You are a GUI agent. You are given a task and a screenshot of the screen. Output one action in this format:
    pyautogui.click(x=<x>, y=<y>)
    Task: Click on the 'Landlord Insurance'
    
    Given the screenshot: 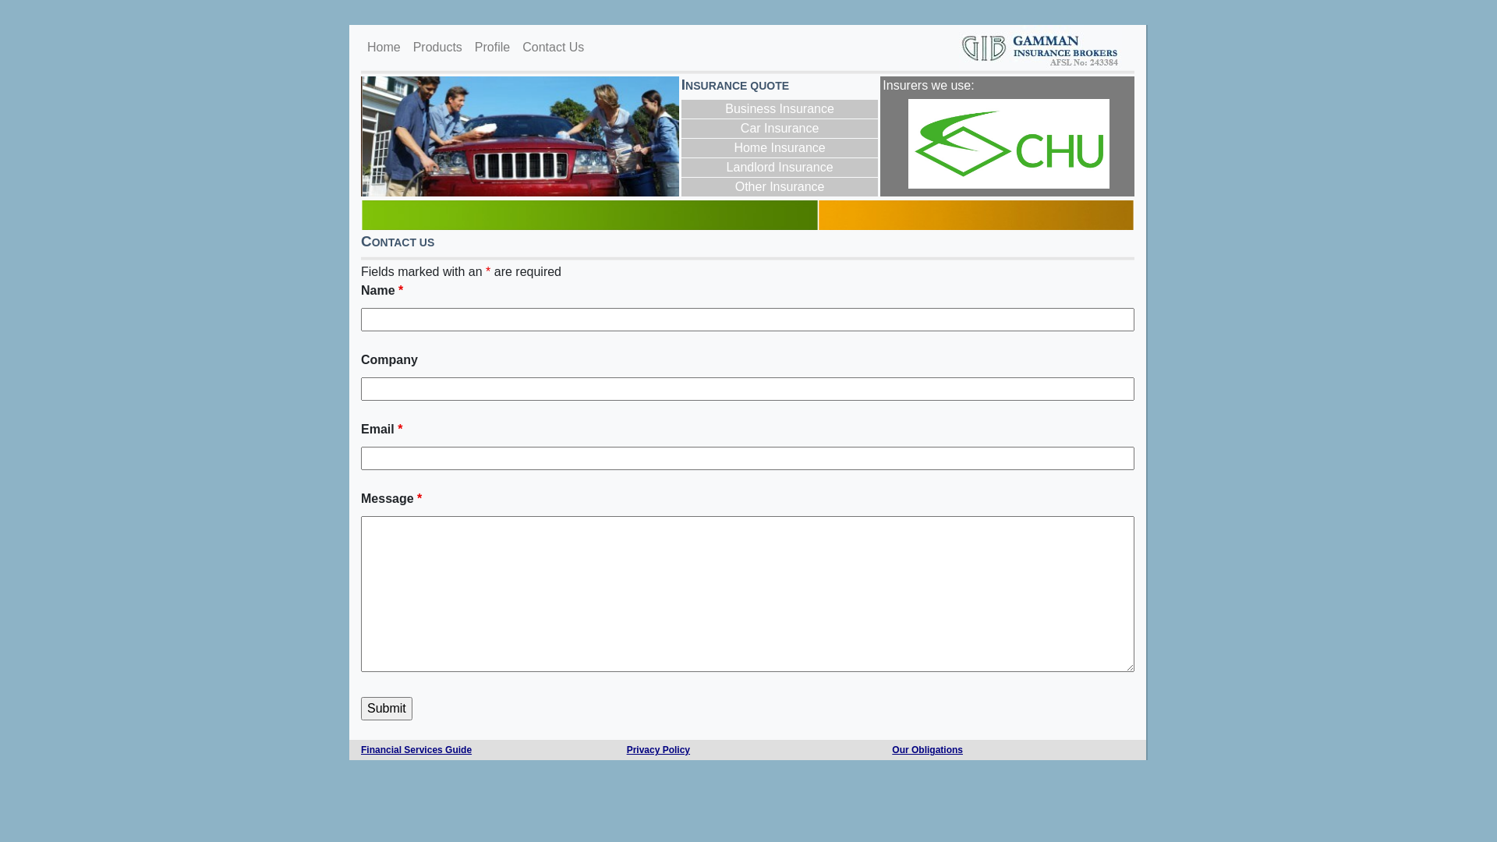 What is the action you would take?
    pyautogui.click(x=780, y=168)
    